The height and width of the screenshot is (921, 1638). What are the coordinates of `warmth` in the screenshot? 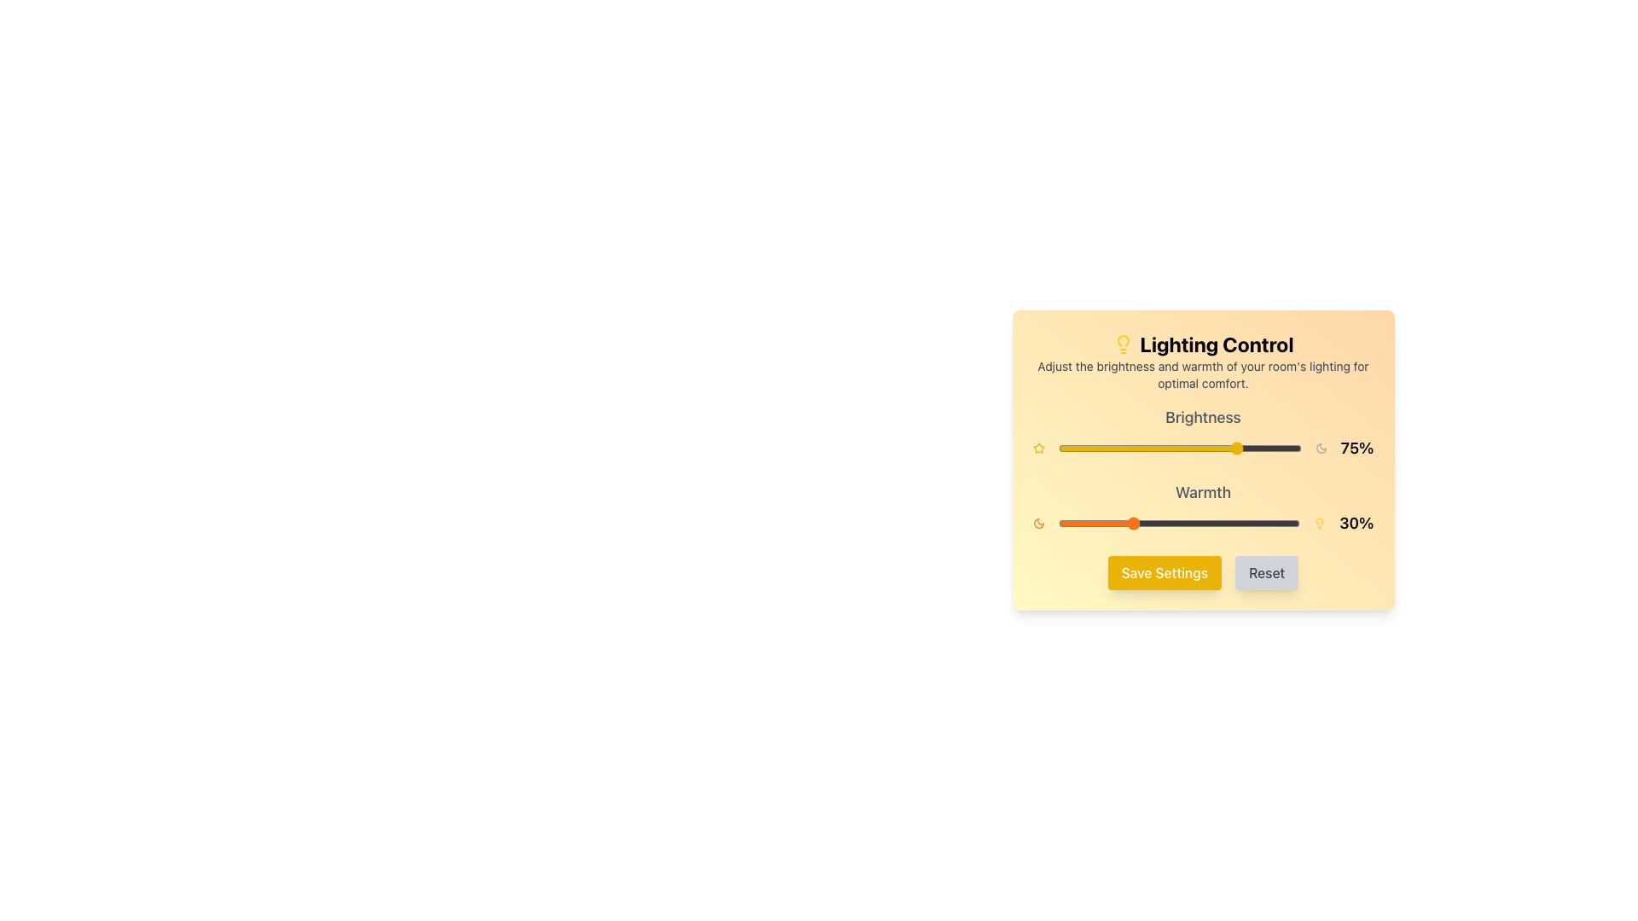 It's located at (1185, 522).